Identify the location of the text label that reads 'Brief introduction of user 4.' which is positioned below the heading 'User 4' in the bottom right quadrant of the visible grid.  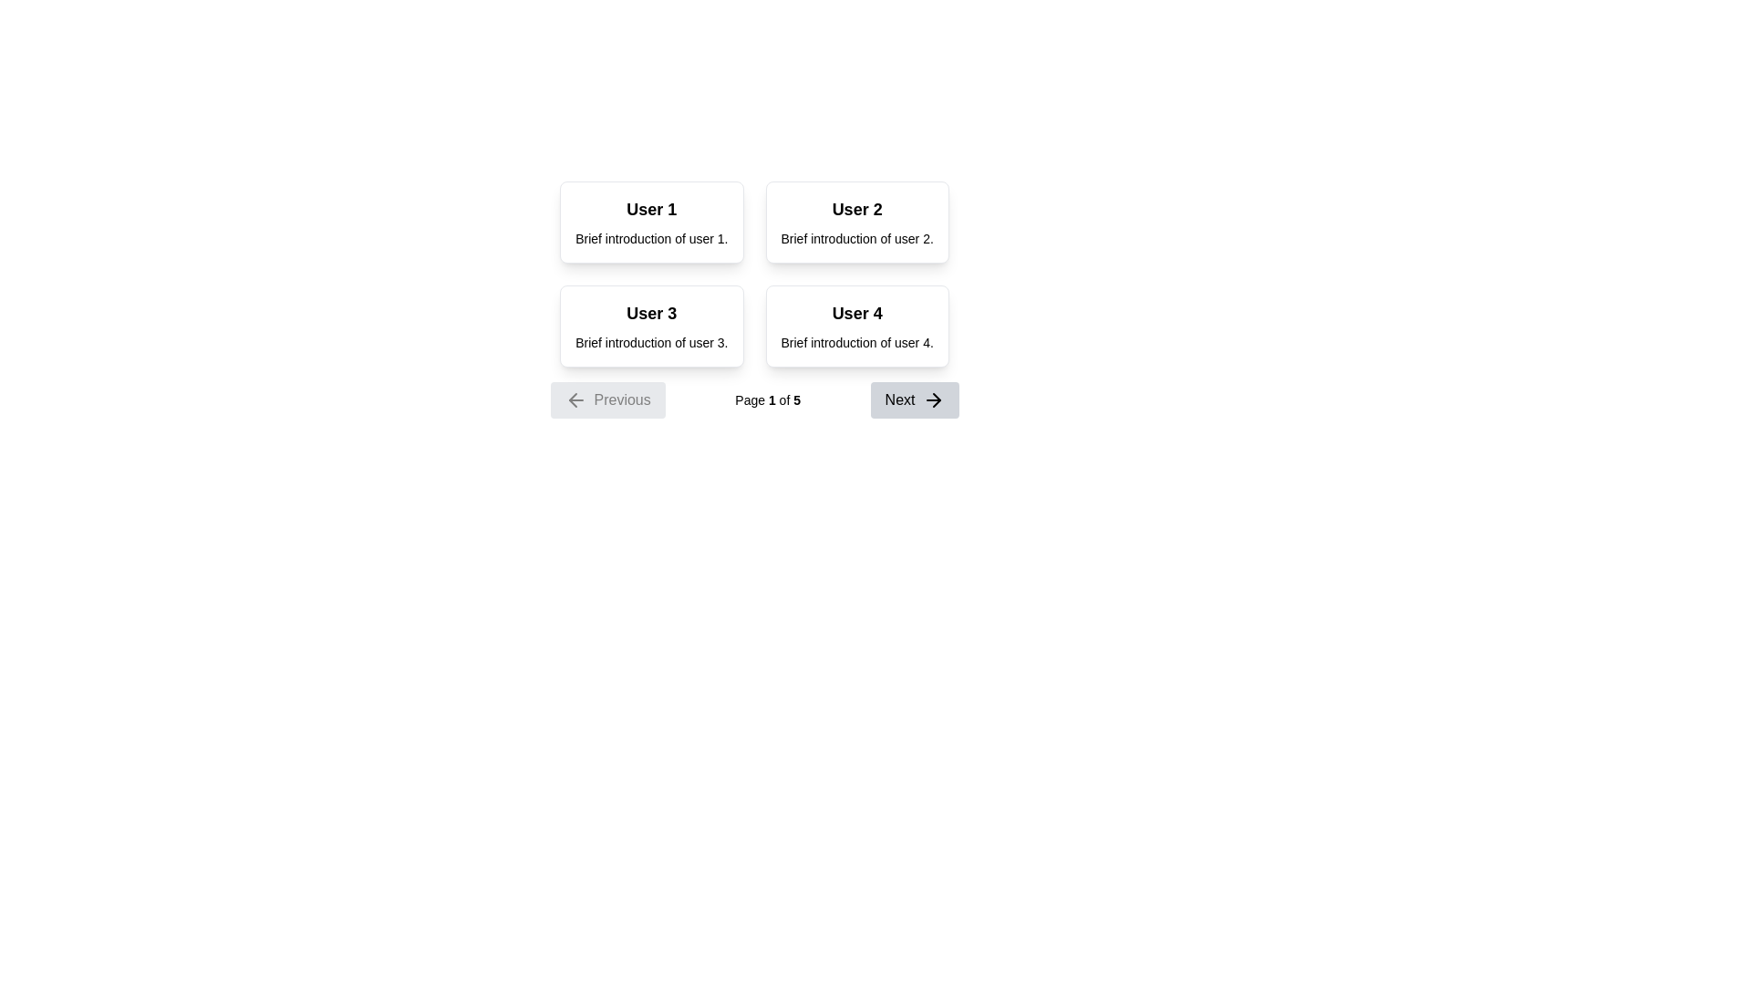
(856, 342).